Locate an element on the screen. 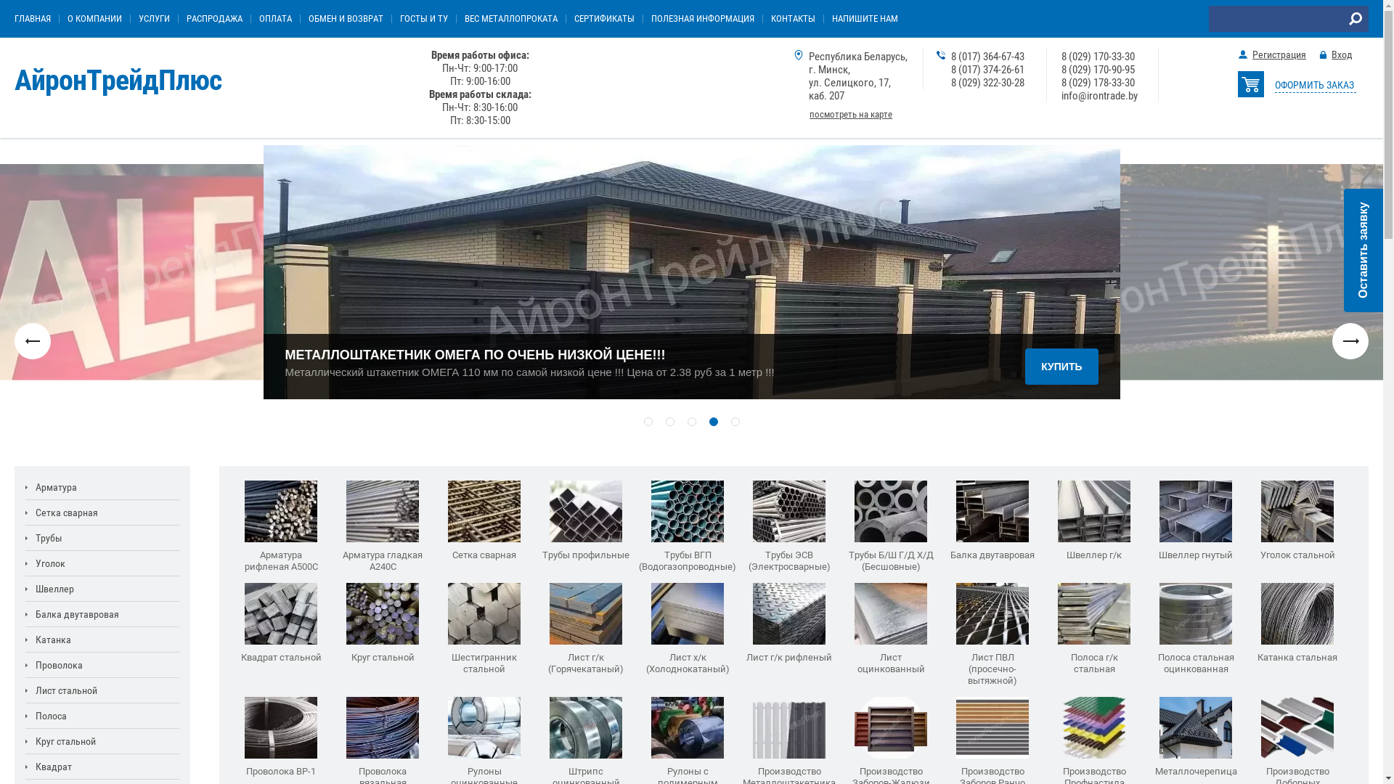 The height and width of the screenshot is (784, 1394). '8 (017) 374-26-61' is located at coordinates (987, 70).